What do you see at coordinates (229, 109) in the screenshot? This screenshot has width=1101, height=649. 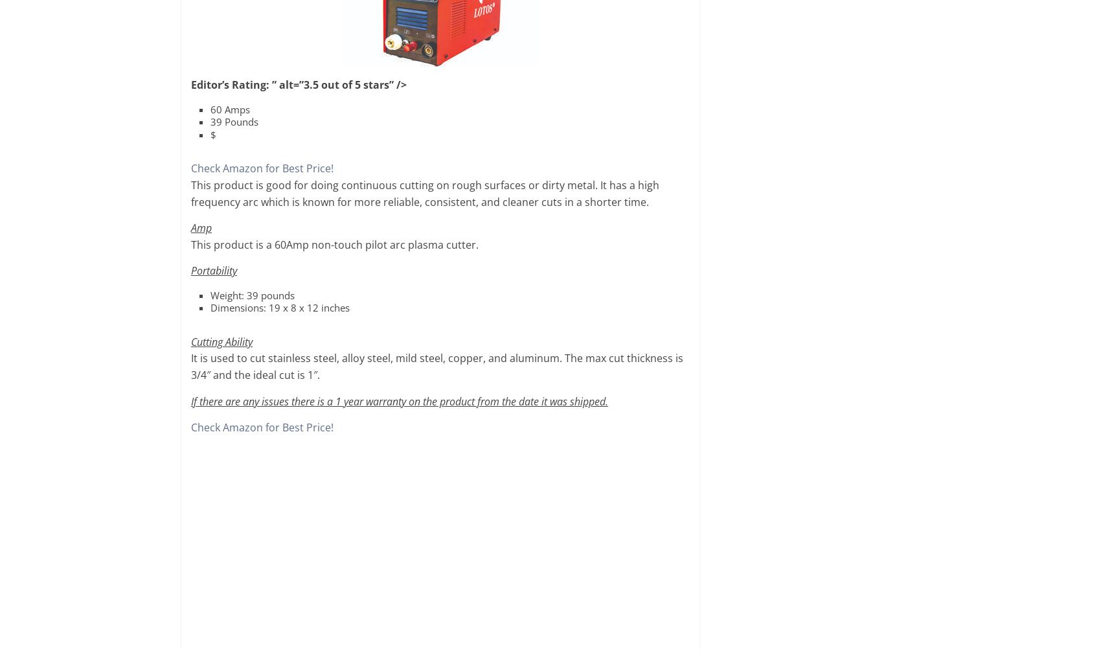 I see `'60 Amps'` at bounding box center [229, 109].